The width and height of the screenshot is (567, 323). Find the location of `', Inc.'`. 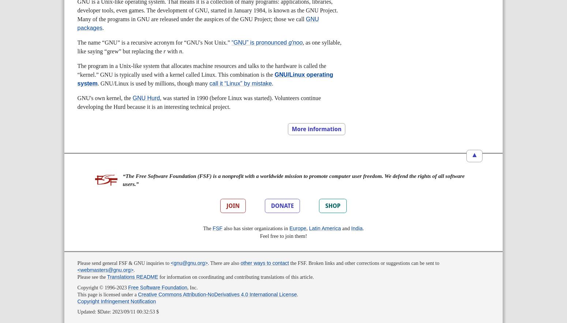

', Inc.' is located at coordinates (187, 287).